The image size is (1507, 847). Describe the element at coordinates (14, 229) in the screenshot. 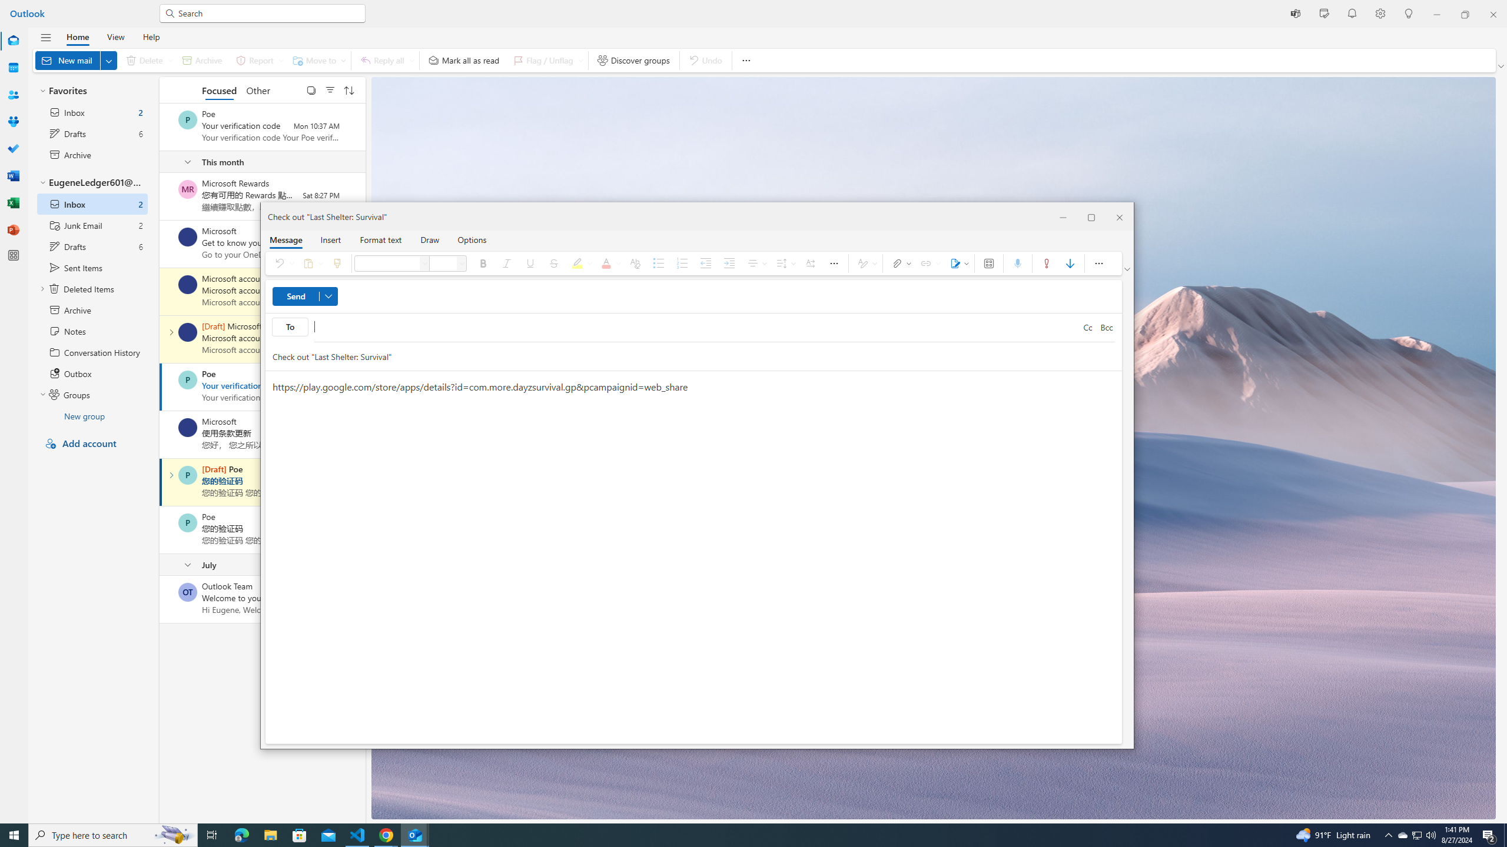

I see `'PowerPoint'` at that location.